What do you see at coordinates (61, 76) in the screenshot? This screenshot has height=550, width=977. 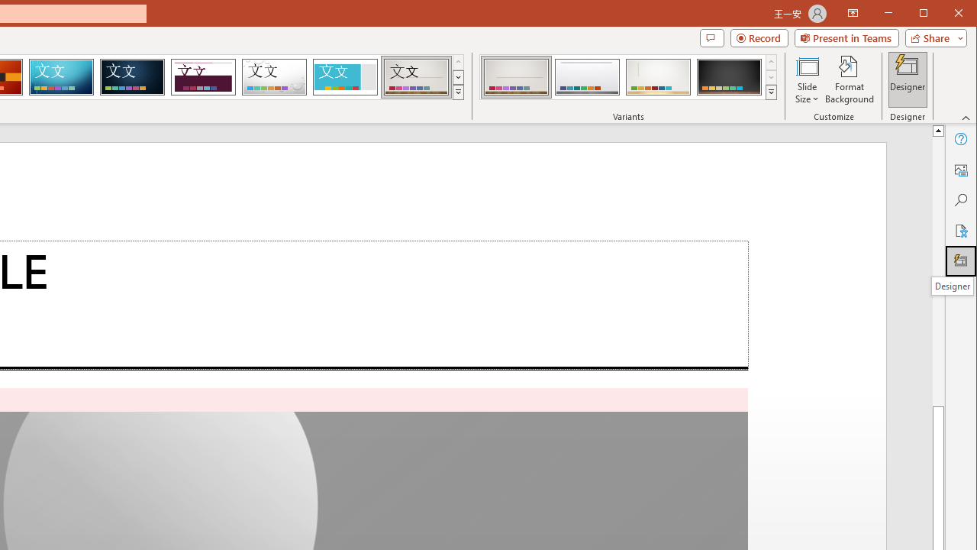 I see `'Circuit'` at bounding box center [61, 76].